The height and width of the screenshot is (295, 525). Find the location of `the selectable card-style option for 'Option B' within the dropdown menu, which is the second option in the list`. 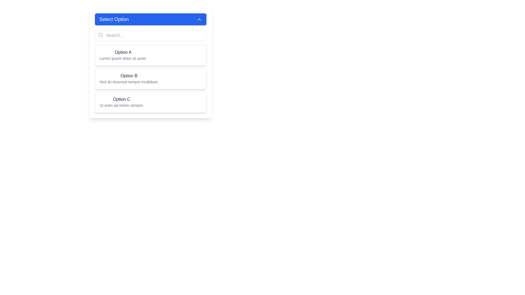

the selectable card-style option for 'Option B' within the dropdown menu, which is the second option in the list is located at coordinates (151, 79).